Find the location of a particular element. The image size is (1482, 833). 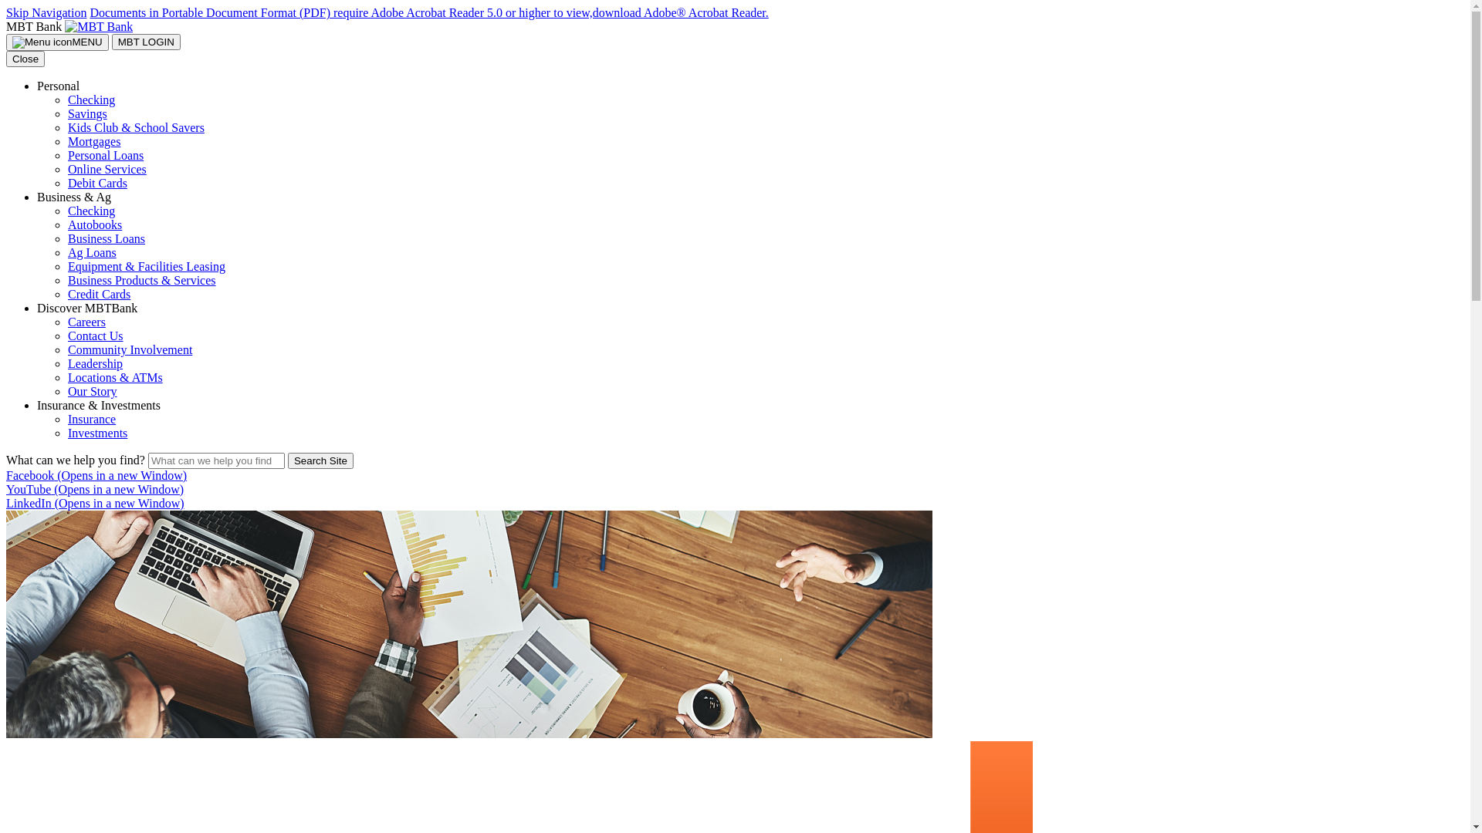

'Kids Club & School Savers' is located at coordinates (136, 126).